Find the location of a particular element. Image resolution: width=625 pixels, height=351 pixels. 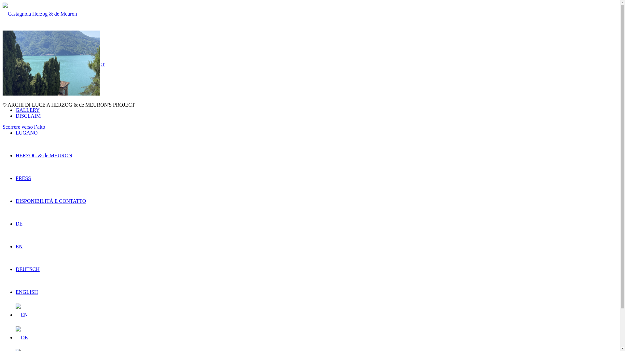

'EN' is located at coordinates (19, 246).